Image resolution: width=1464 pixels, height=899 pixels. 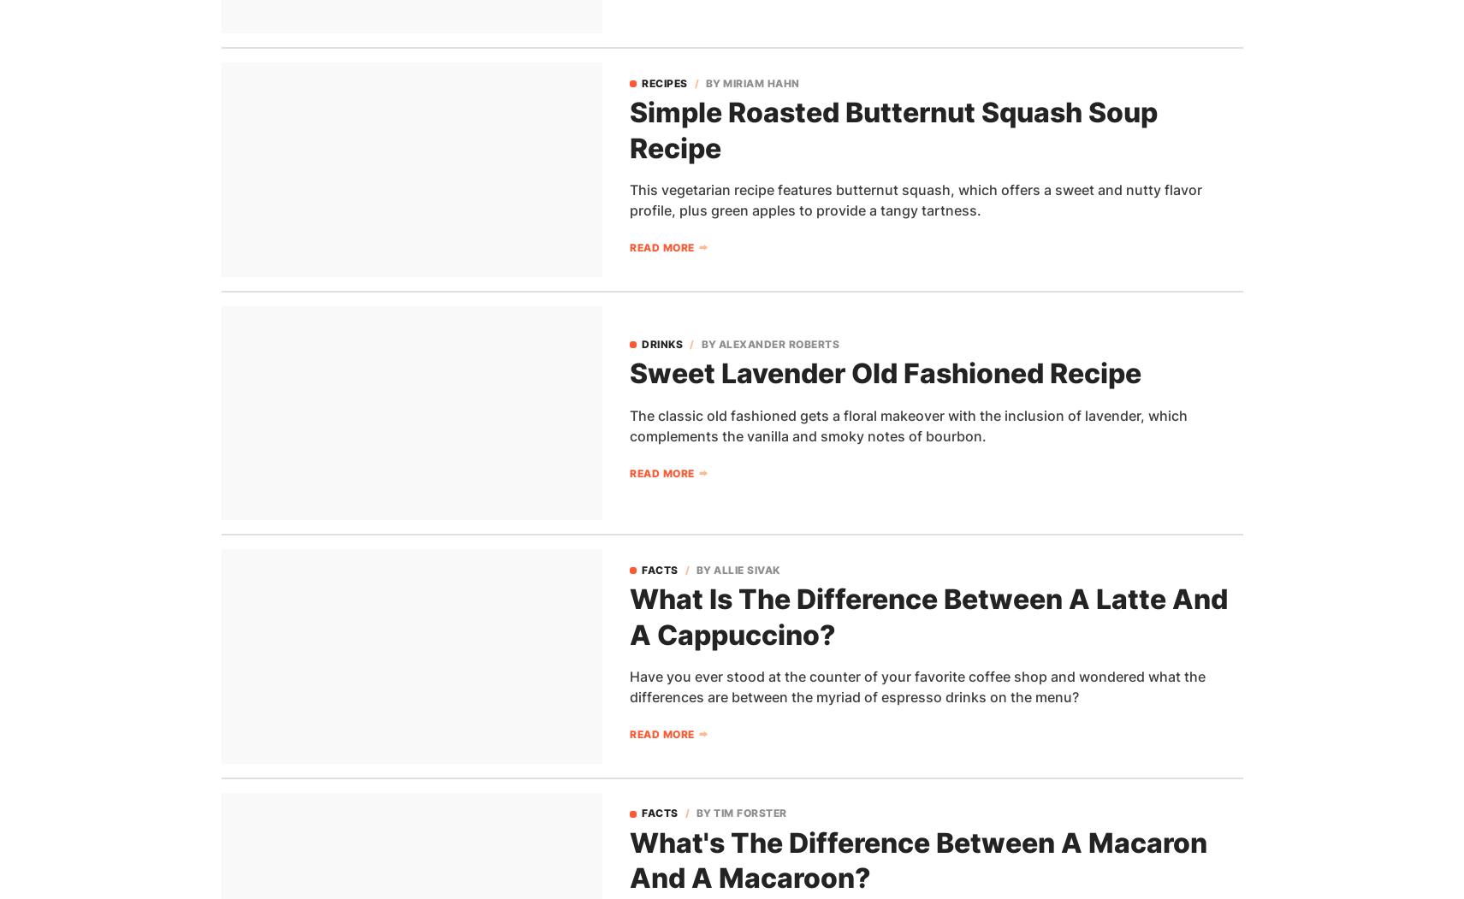 I want to click on 'Simple Roasted Butternut Squash Soup Recipe', so click(x=893, y=128).